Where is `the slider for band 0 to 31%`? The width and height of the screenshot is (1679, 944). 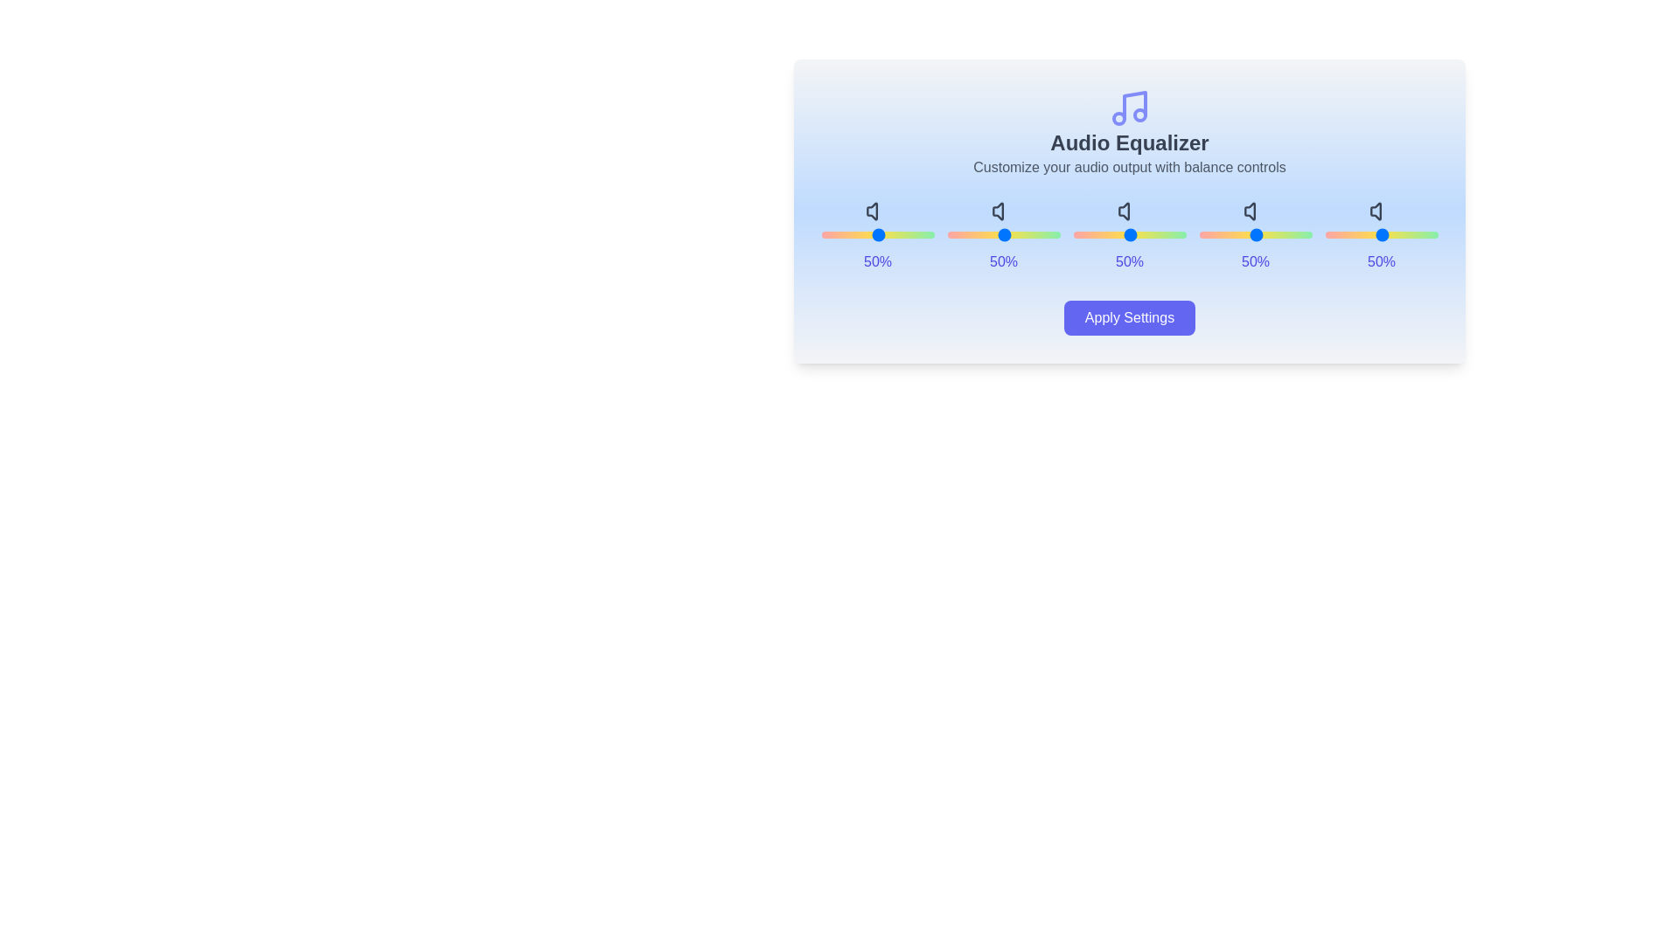
the slider for band 0 to 31% is located at coordinates (905, 234).